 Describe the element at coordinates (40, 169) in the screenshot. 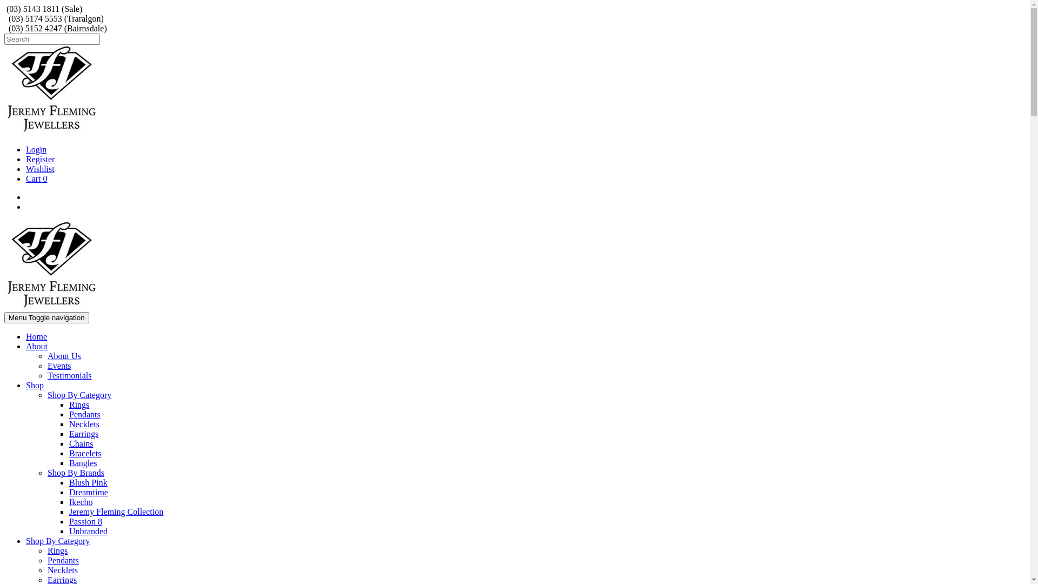

I see `'Wishlist'` at that location.